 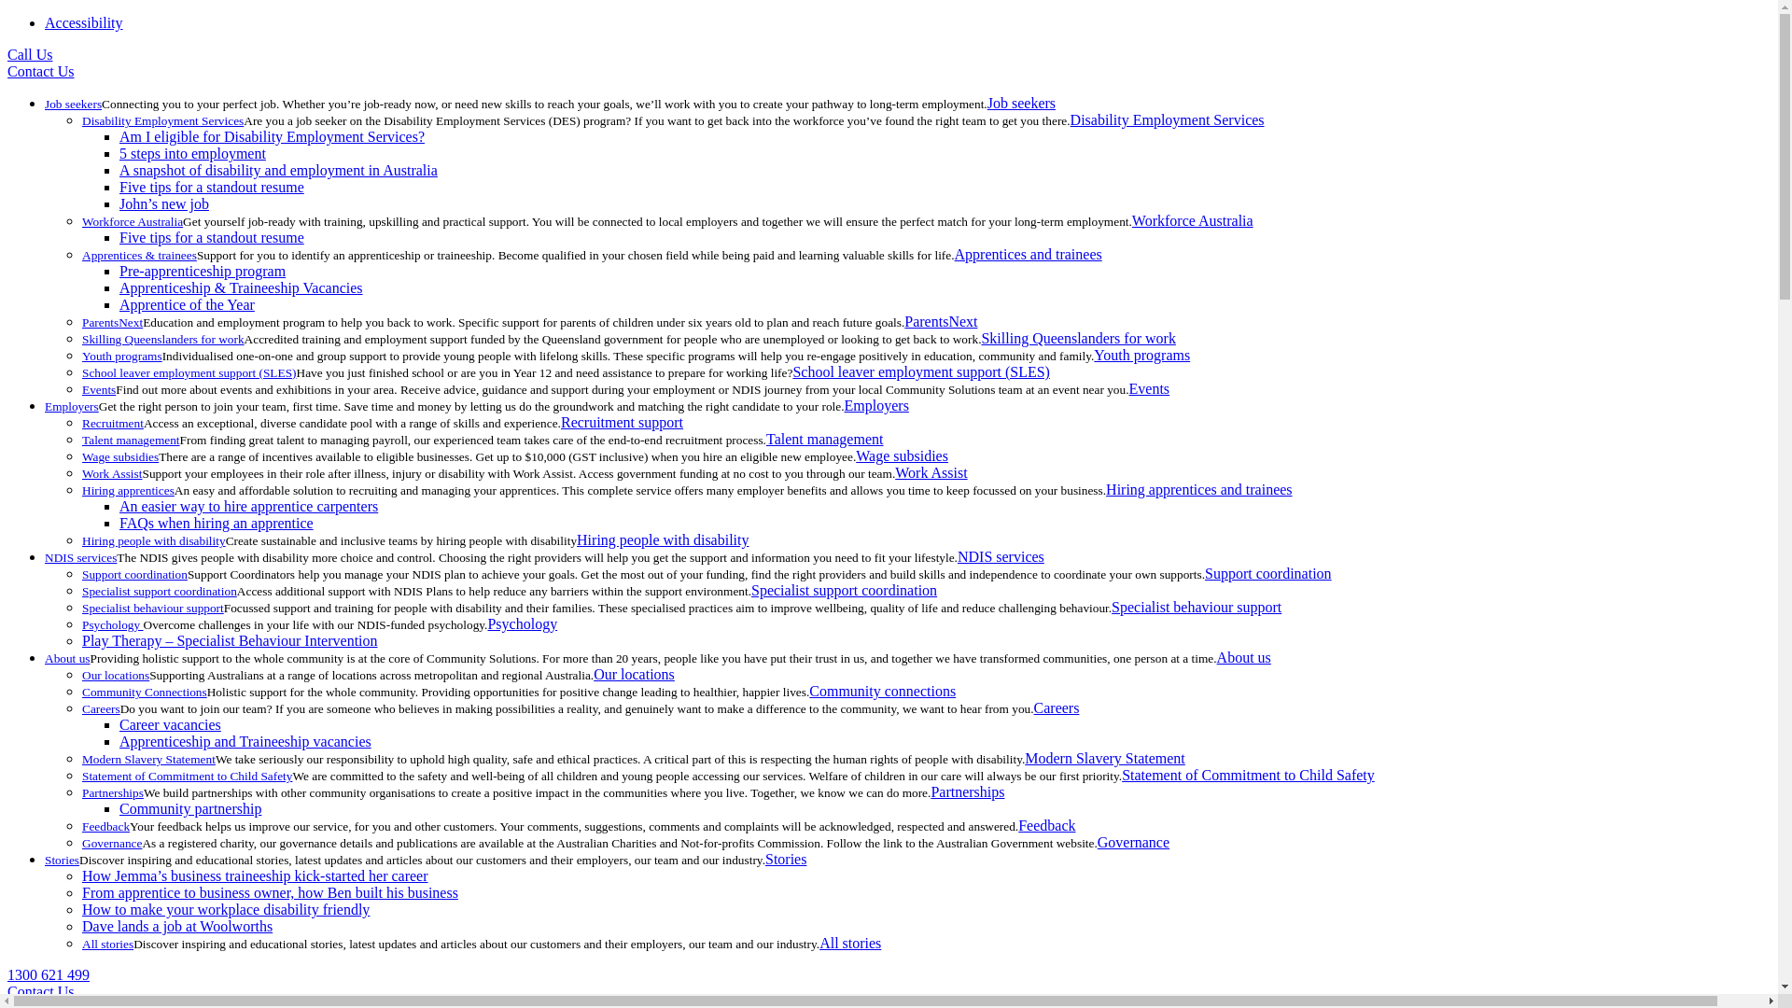 What do you see at coordinates (127, 489) in the screenshot?
I see `'Hiring apprentices'` at bounding box center [127, 489].